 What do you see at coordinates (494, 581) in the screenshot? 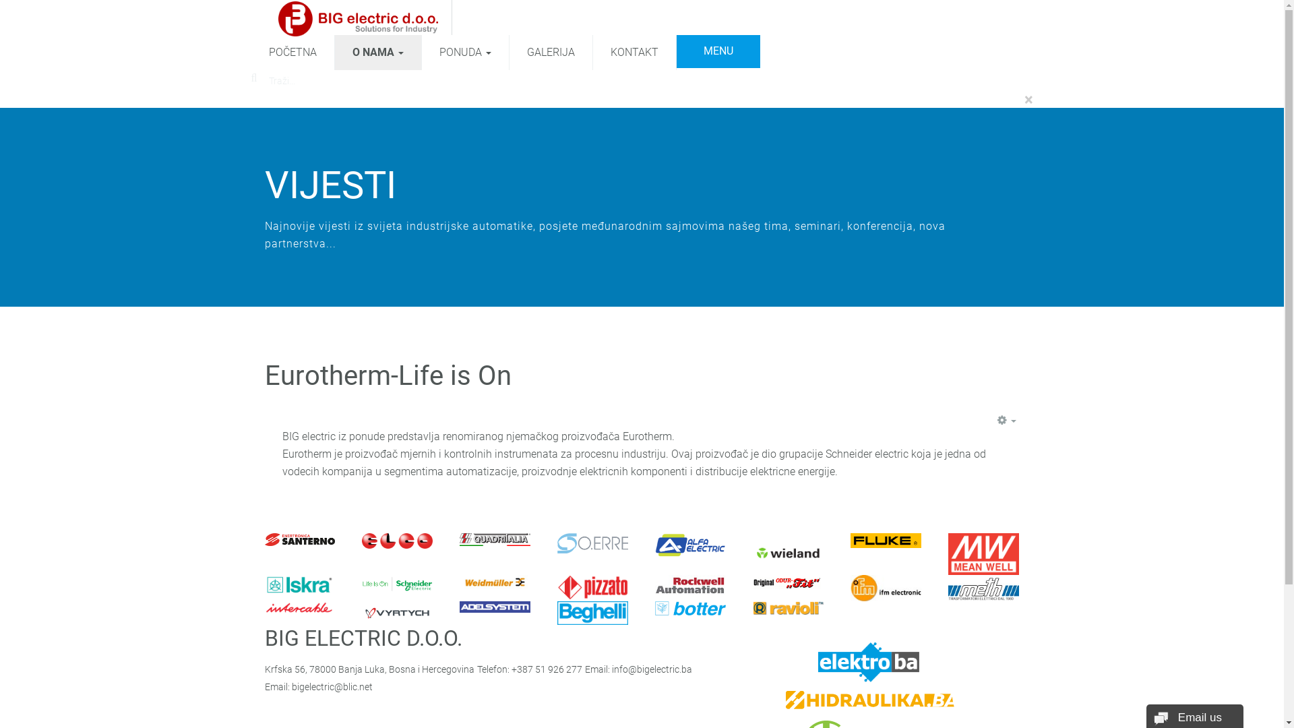
I see `'Weidmuller'` at bounding box center [494, 581].